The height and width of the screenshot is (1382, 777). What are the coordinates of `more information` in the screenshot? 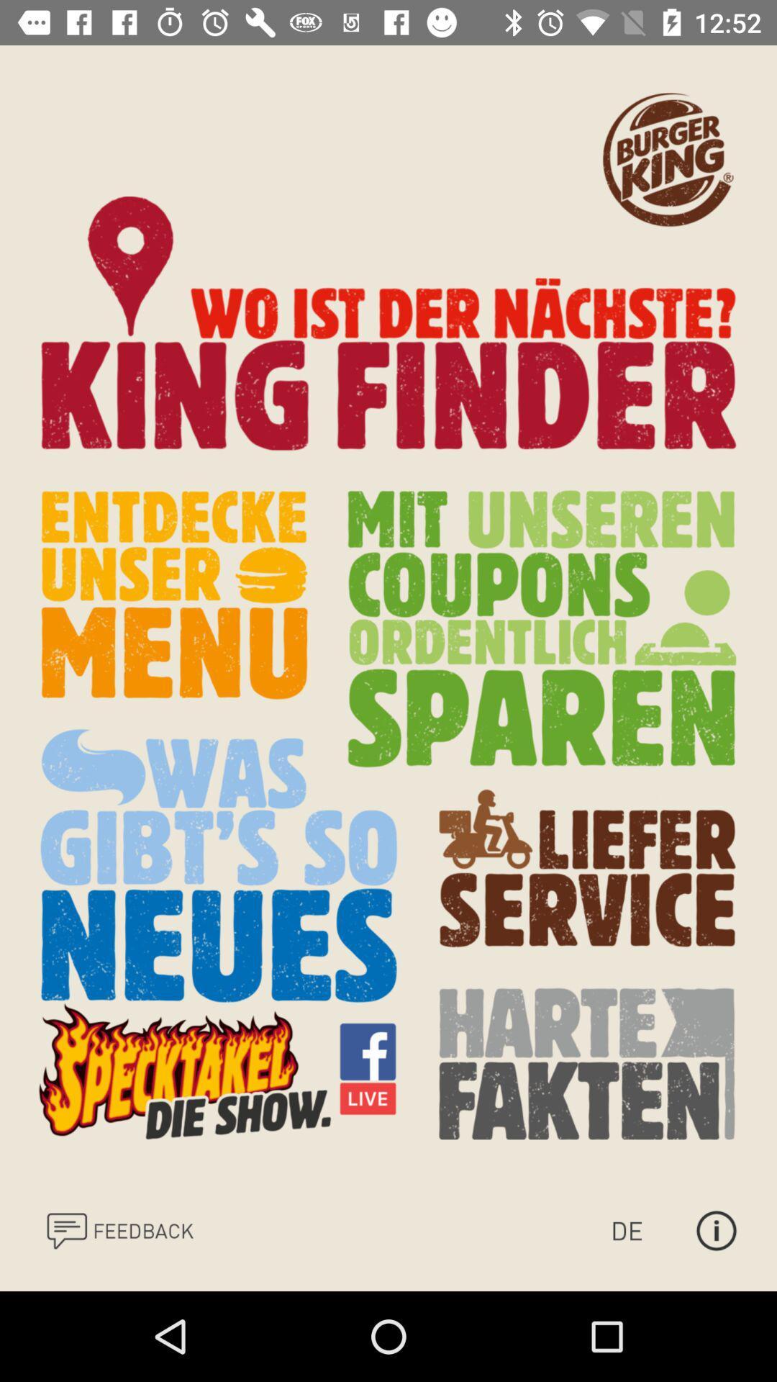 It's located at (716, 1229).